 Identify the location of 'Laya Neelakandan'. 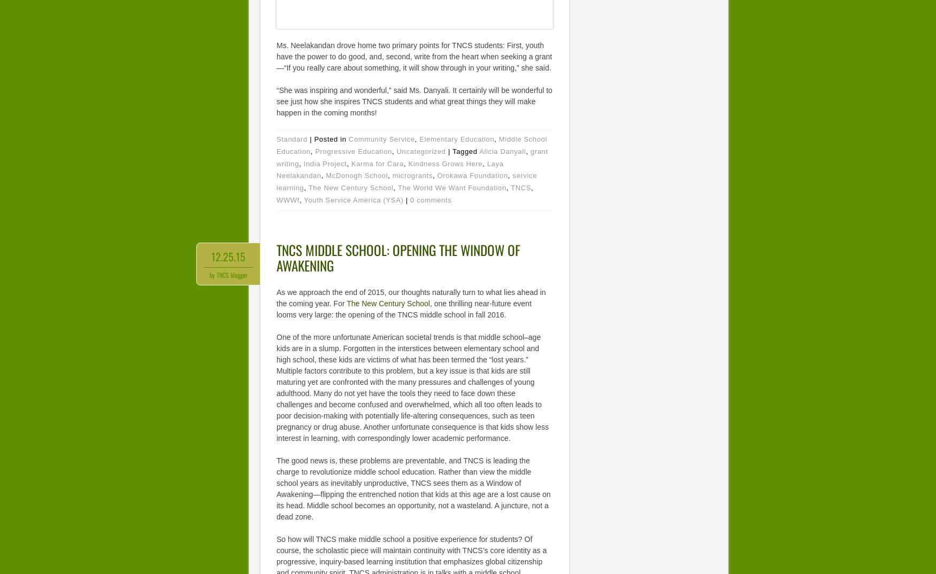
(275, 169).